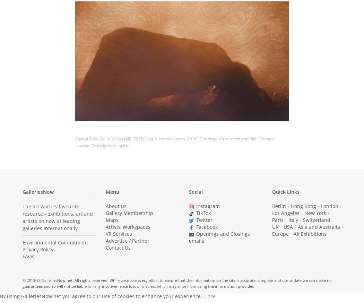  I want to click on 'About us', so click(106, 206).